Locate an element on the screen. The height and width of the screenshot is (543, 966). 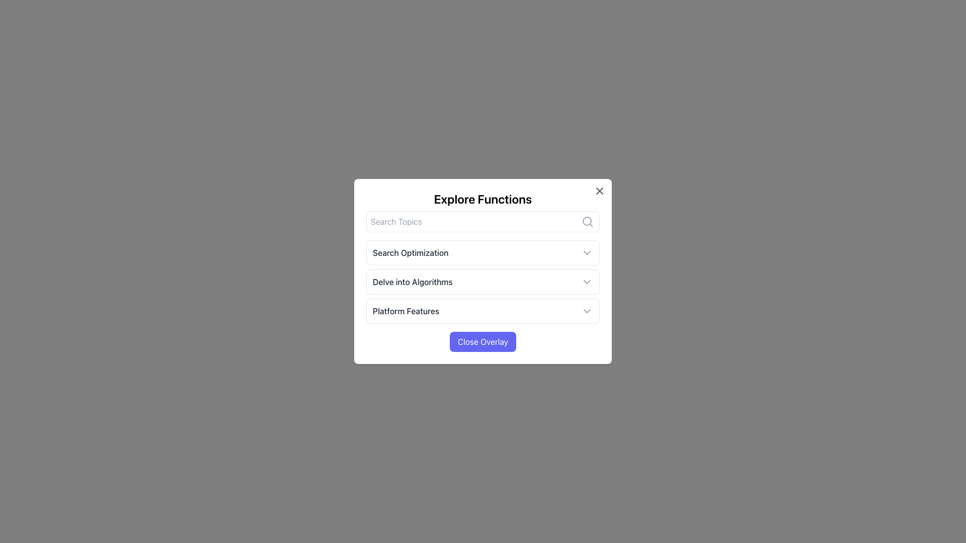
the circular graphical element representing the lens of the magnifying glass in the top-right corner of the overlay box is located at coordinates (587, 220).